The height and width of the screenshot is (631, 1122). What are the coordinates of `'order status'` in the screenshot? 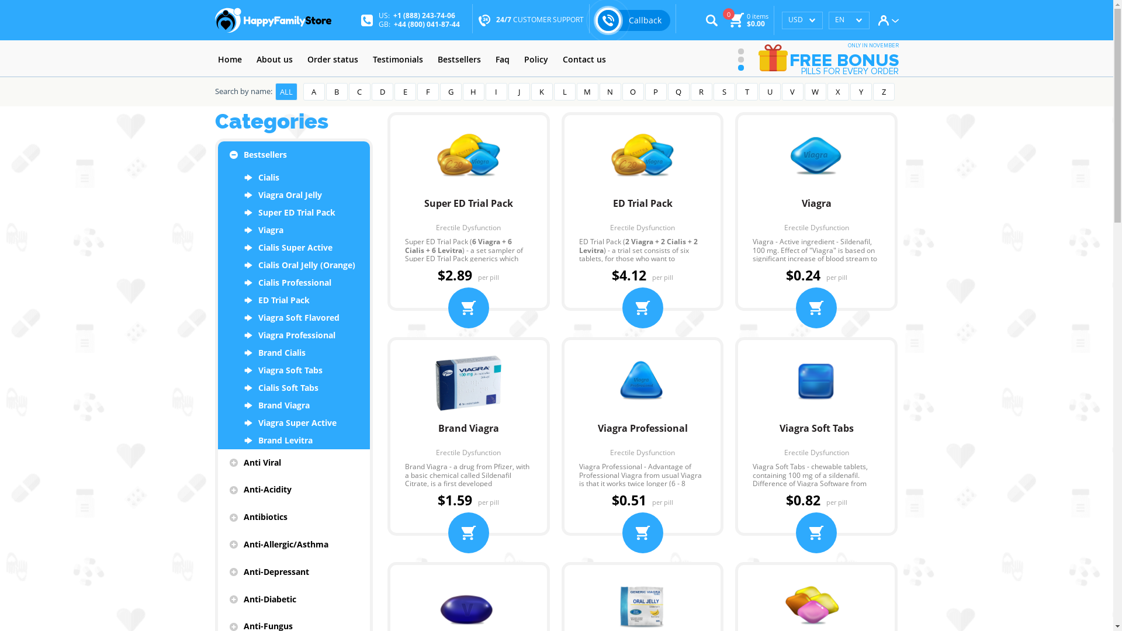 It's located at (331, 60).